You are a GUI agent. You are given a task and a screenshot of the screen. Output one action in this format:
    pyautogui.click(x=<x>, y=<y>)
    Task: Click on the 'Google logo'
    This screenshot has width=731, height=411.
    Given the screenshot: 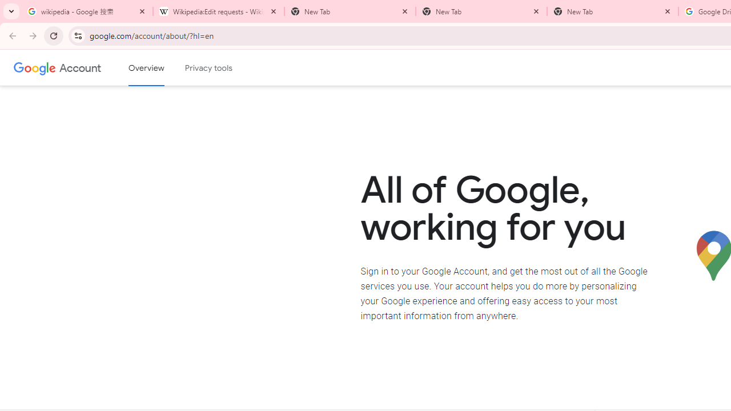 What is the action you would take?
    pyautogui.click(x=35, y=67)
    